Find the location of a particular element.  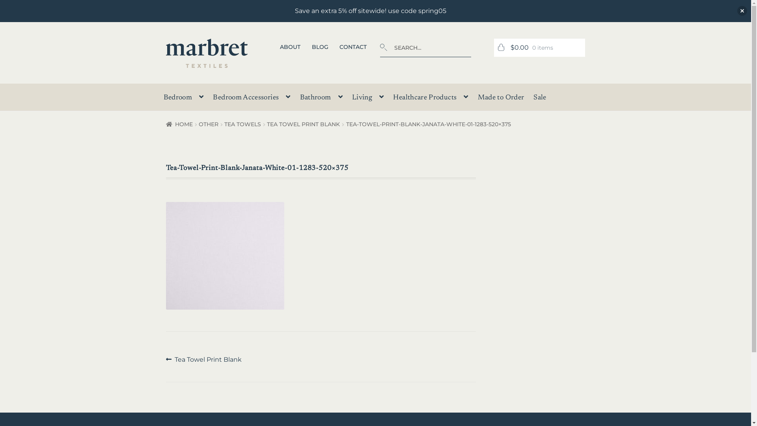

'BLOG' is located at coordinates (320, 47).